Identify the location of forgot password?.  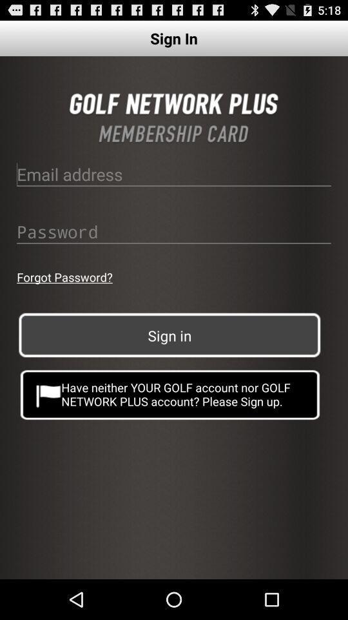
(64, 277).